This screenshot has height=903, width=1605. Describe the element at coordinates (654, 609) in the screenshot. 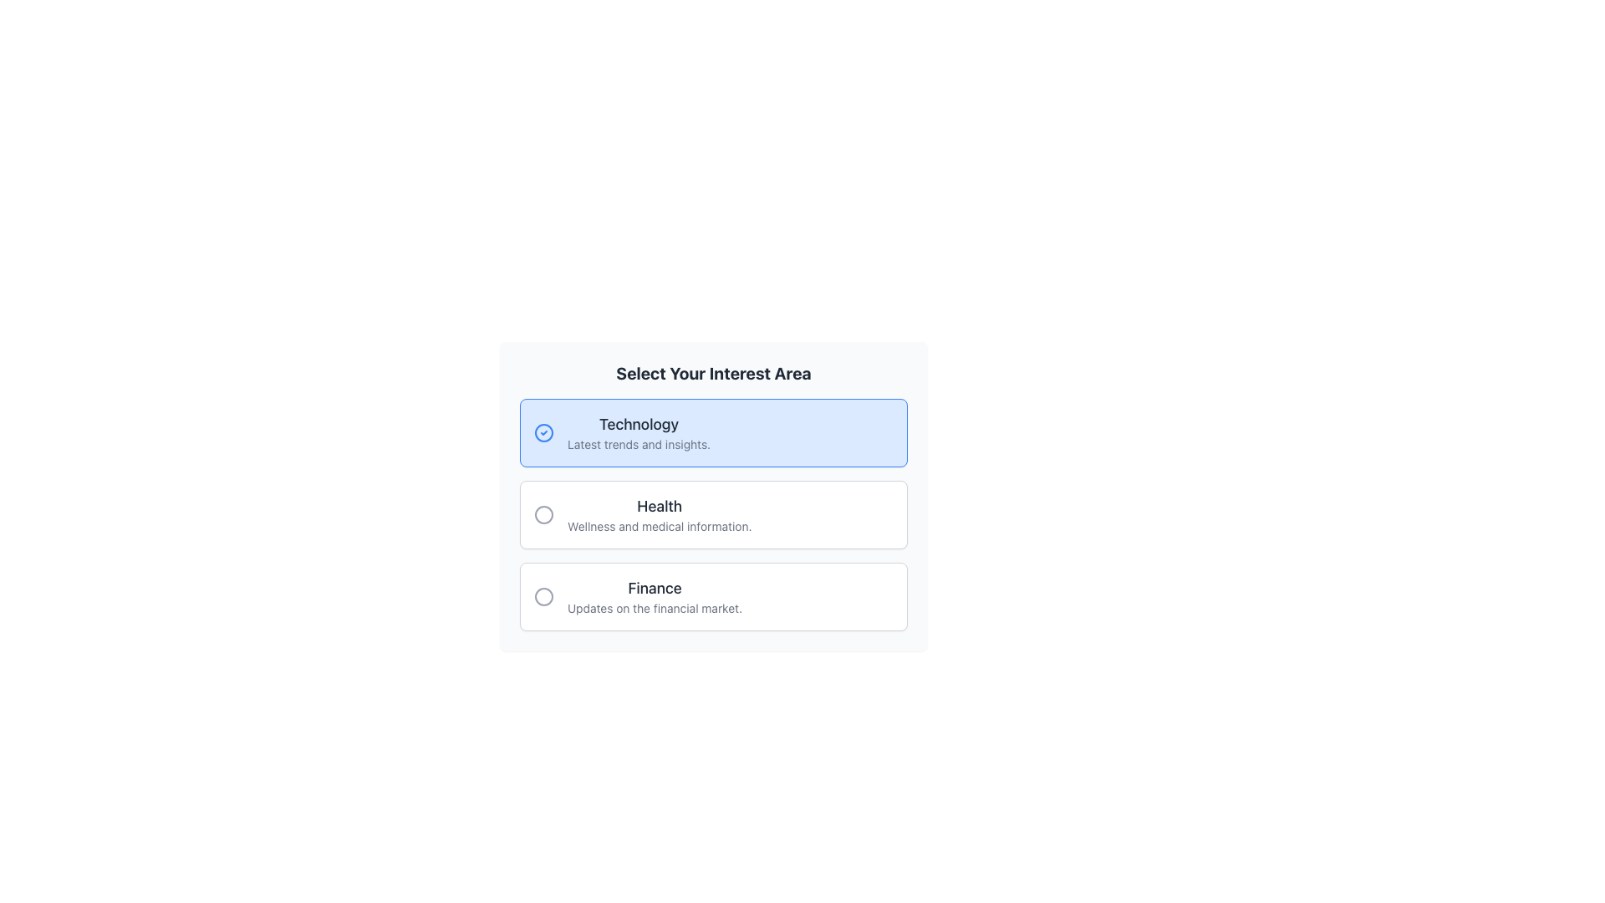

I see `text content of the label that displays 'Updates on the financial market.' located below the 'Finance' heading in the selection box` at that location.